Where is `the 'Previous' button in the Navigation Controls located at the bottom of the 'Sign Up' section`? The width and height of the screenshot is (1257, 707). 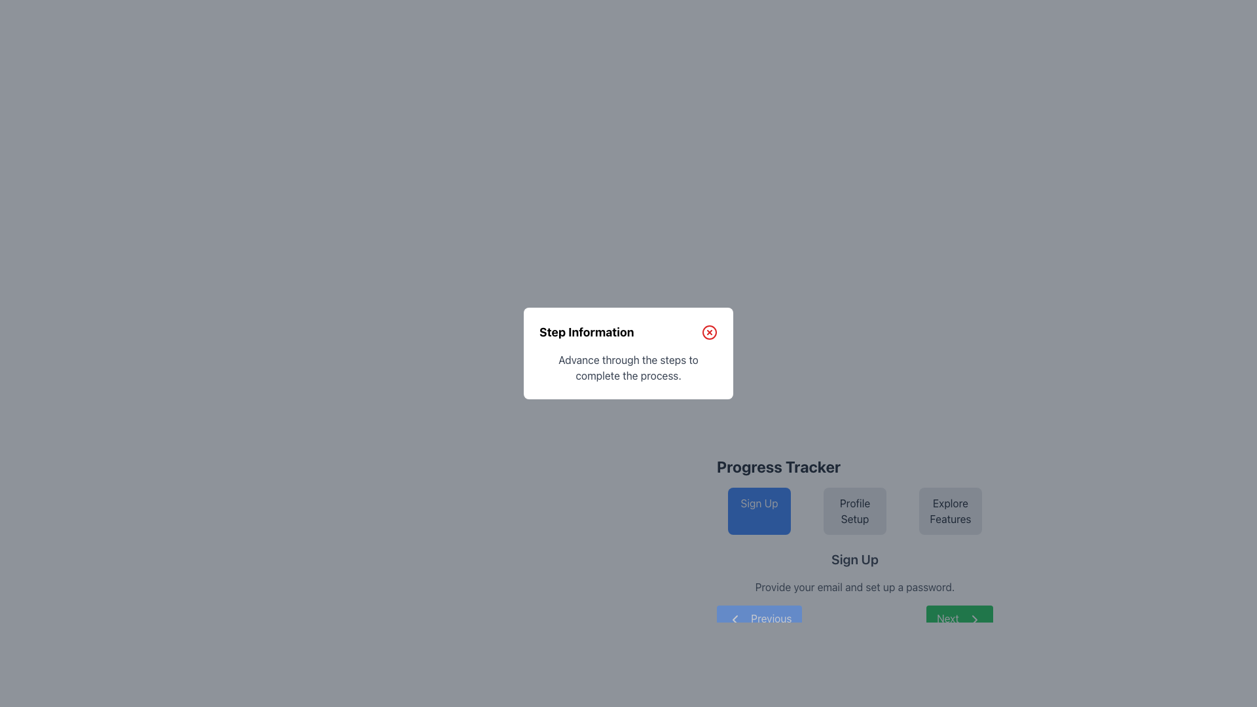
the 'Previous' button in the Navigation Controls located at the bottom of the 'Sign Up' section is located at coordinates (854, 619).